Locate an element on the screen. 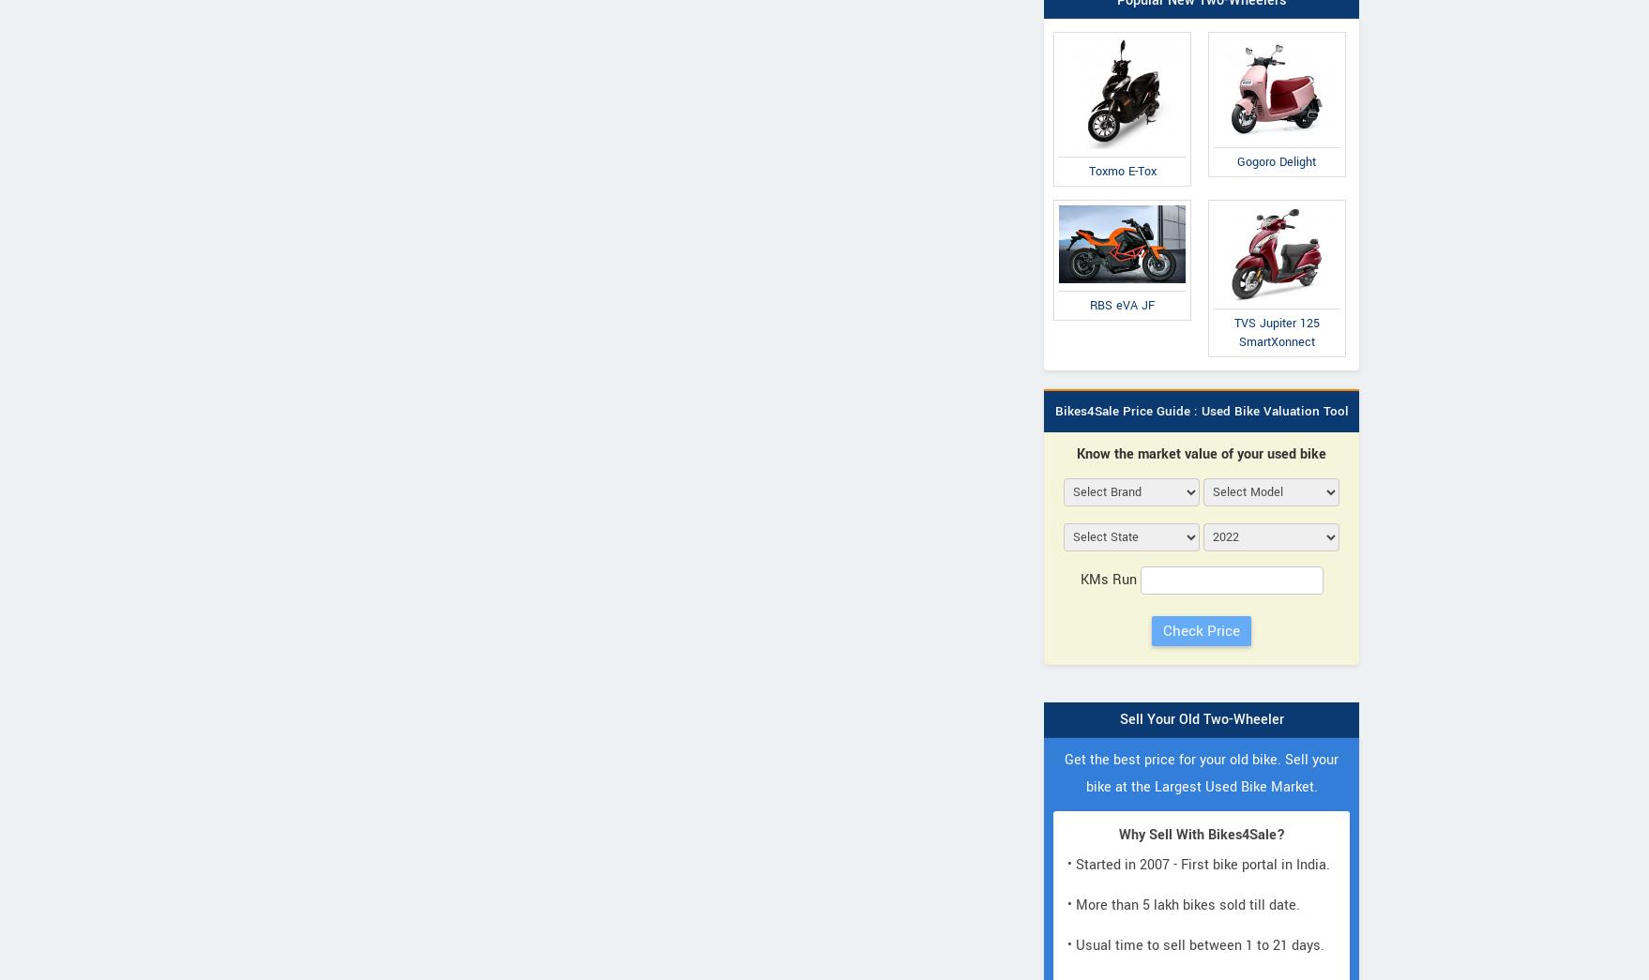 The width and height of the screenshot is (1649, 980). 'KMs Run' is located at coordinates (1109, 578).